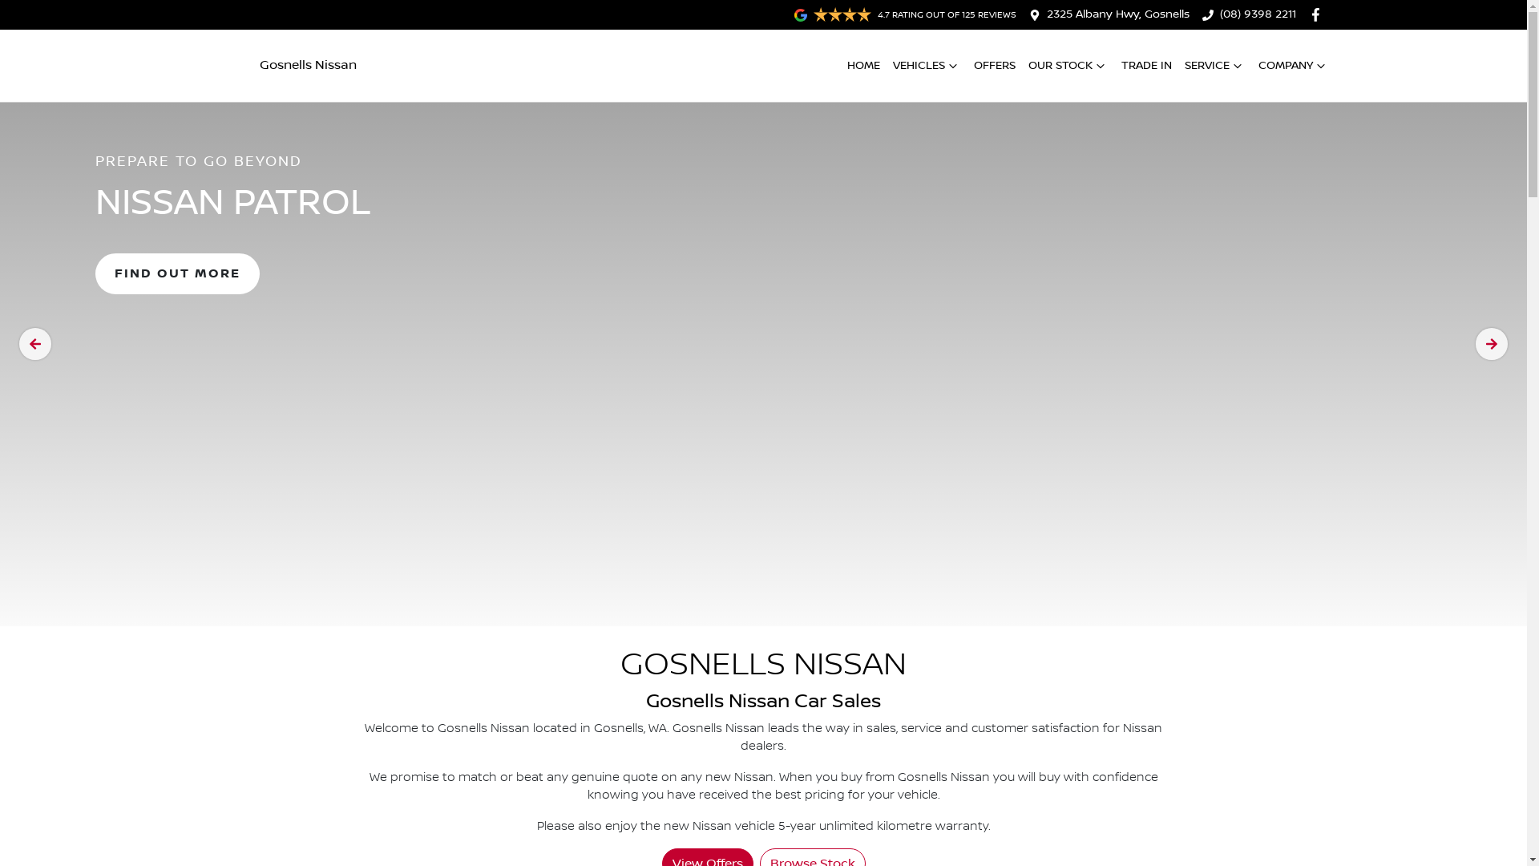 Image resolution: width=1539 pixels, height=866 pixels. Describe the element at coordinates (891, 65) in the screenshot. I see `'VEHICLES'` at that location.